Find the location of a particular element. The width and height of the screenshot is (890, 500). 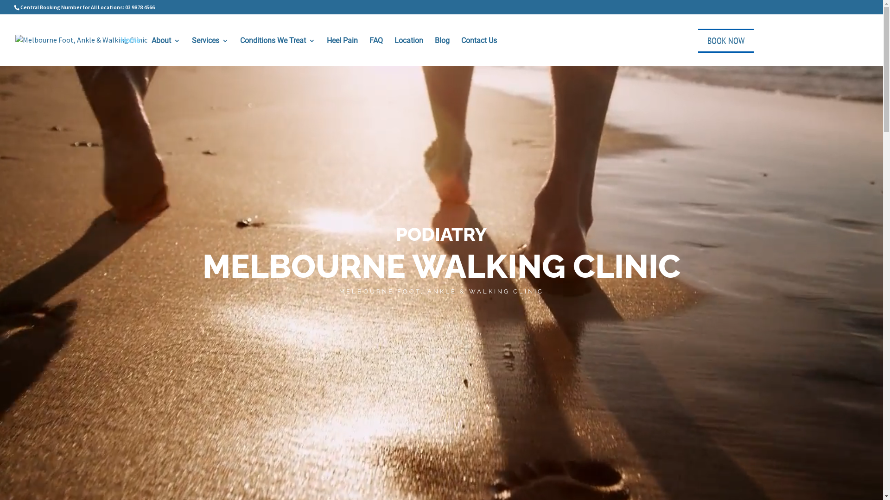

'Heel Pain' is located at coordinates (327, 50).